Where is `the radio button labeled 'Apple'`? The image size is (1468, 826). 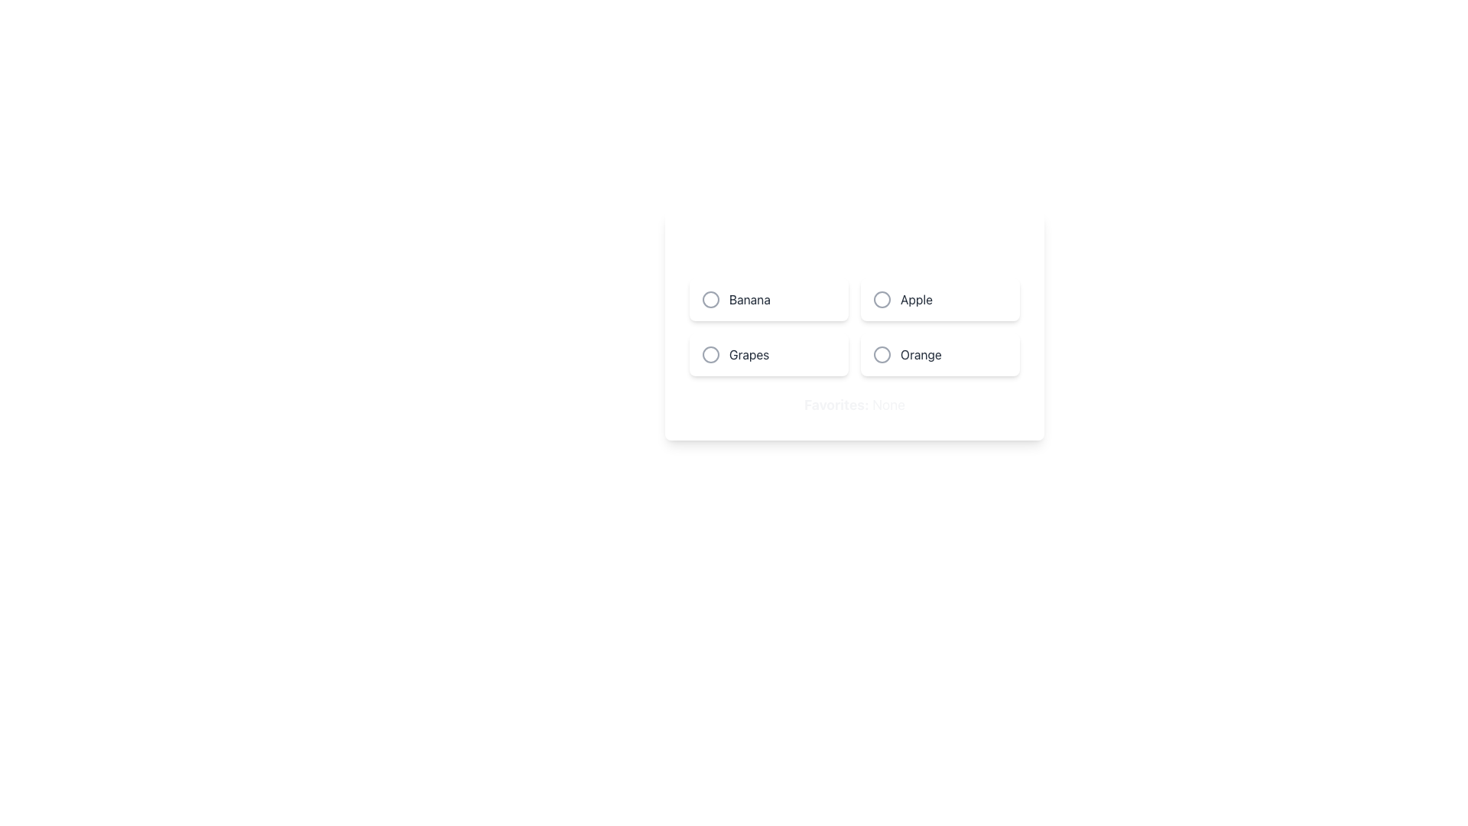 the radio button labeled 'Apple' is located at coordinates (882, 300).